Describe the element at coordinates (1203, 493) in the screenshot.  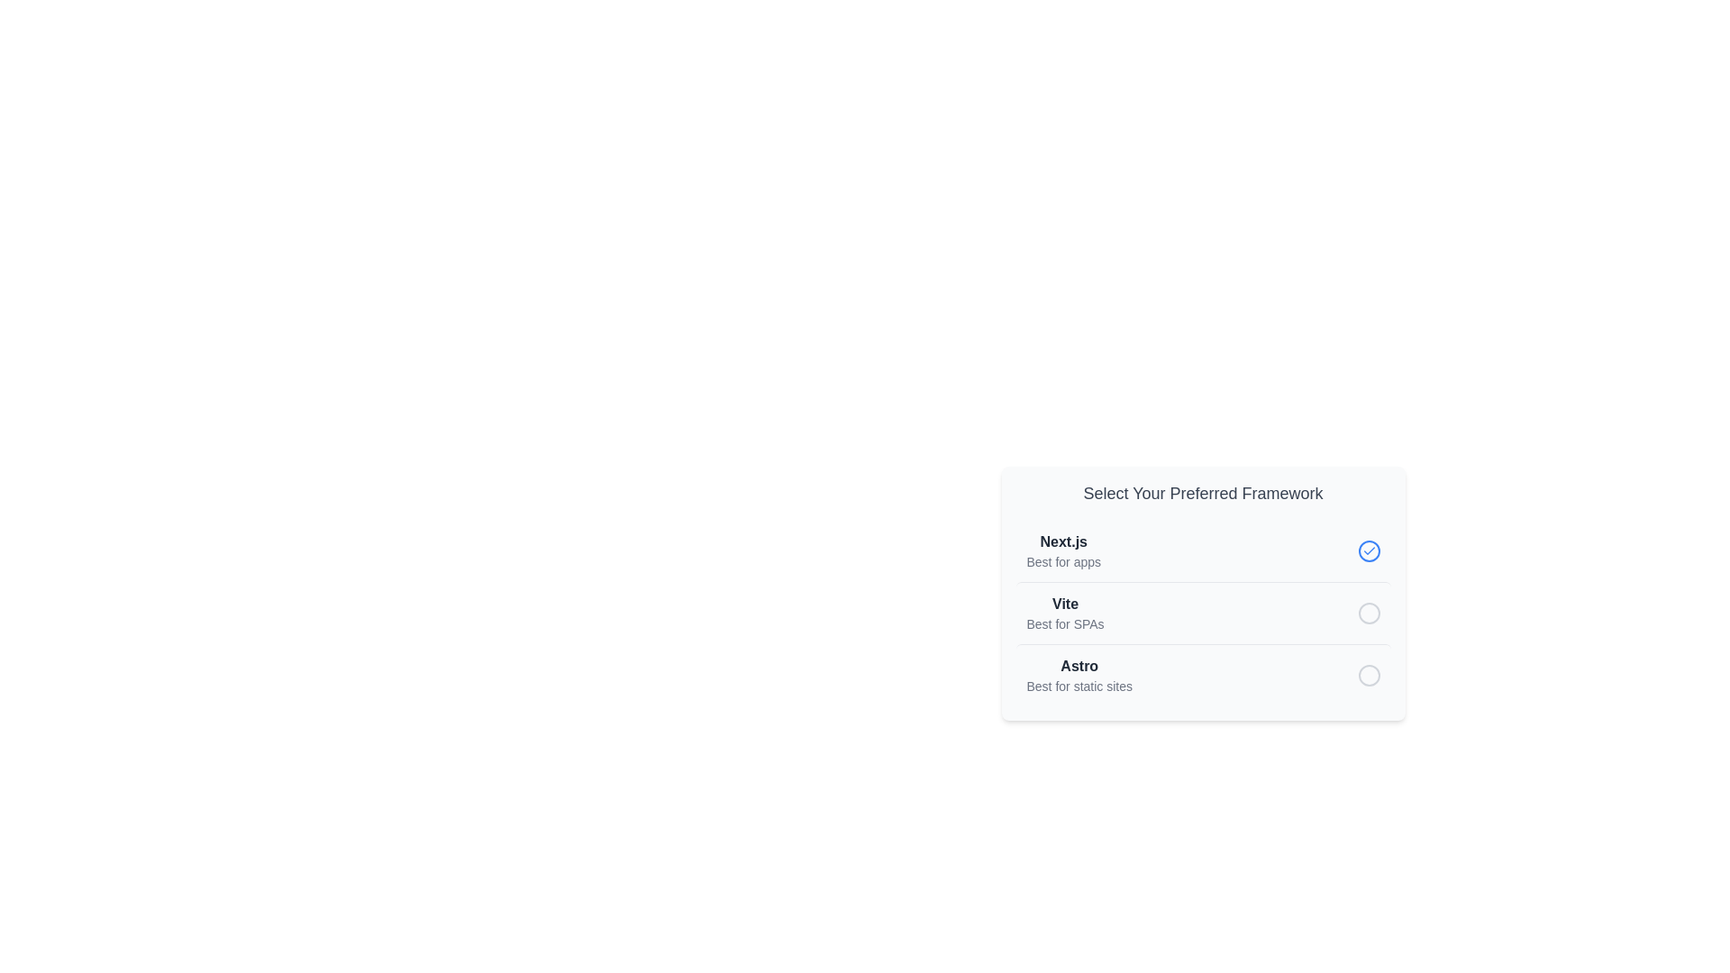
I see `the static text label displaying 'Select Your Preferred Framework' which is positioned at the top of the form-like interface` at that location.